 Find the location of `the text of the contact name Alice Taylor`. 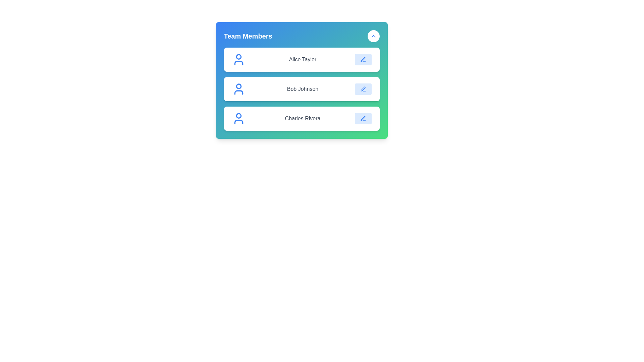

the text of the contact name Alice Taylor is located at coordinates (302, 59).